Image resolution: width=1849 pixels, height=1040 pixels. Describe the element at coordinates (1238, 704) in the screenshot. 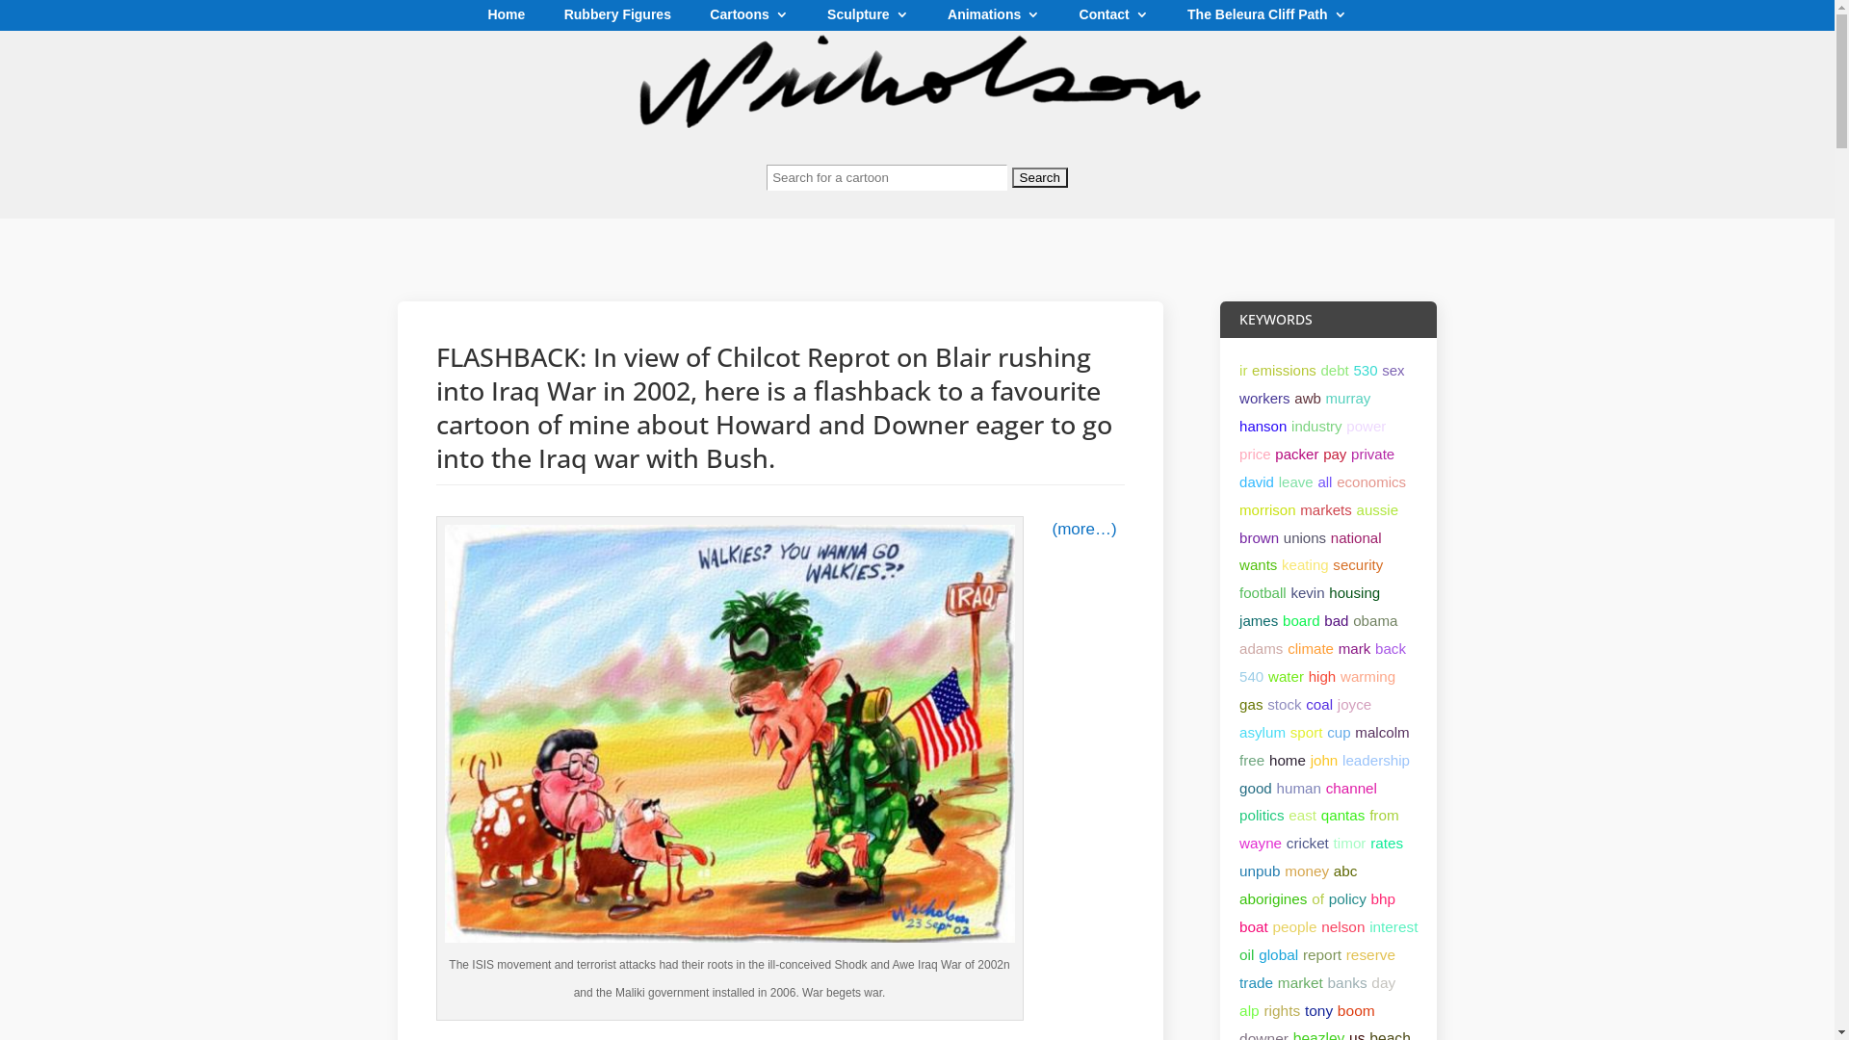

I see `'gas'` at that location.